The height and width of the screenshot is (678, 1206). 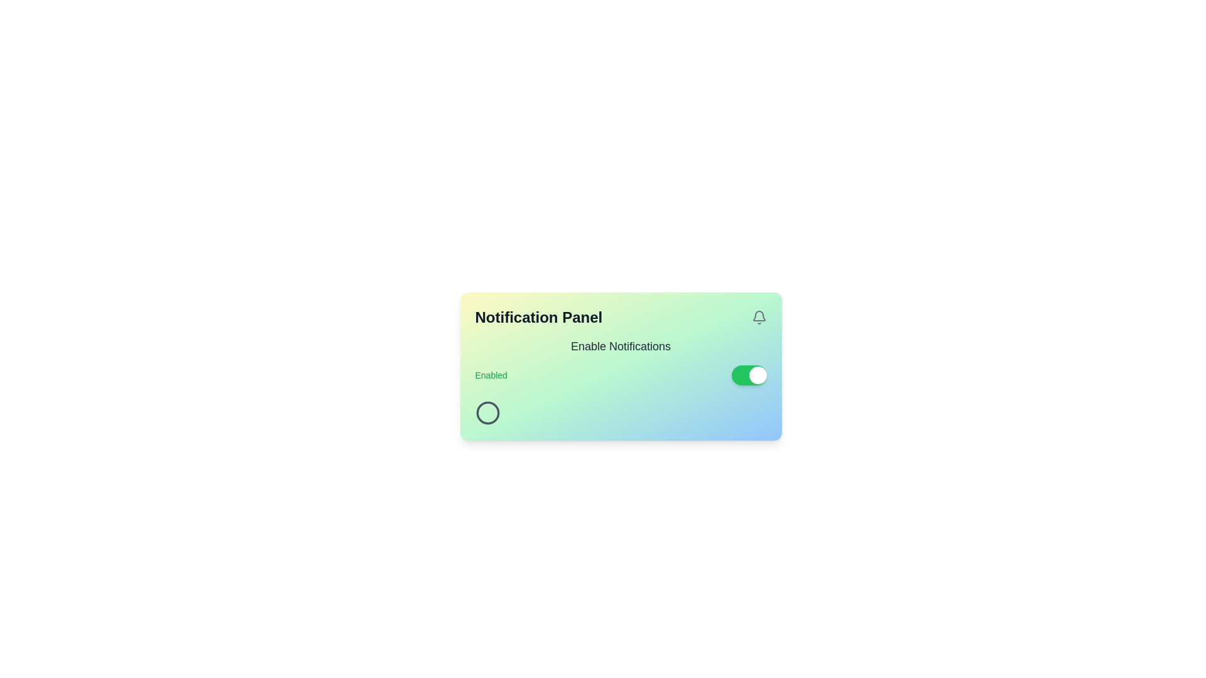 What do you see at coordinates (758, 316) in the screenshot?
I see `the bell-shaped notification icon located at the top-right corner of the 'Notification Panel', next to the 'Notification Panel' text label` at bounding box center [758, 316].